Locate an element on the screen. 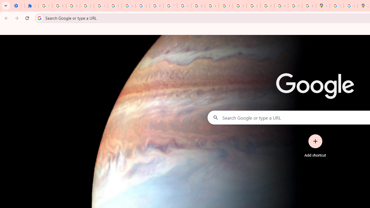 The width and height of the screenshot is (370, 208). 'Google Account Help' is located at coordinates (128, 6).